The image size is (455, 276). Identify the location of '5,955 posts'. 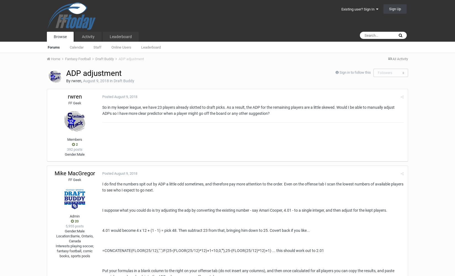
(74, 226).